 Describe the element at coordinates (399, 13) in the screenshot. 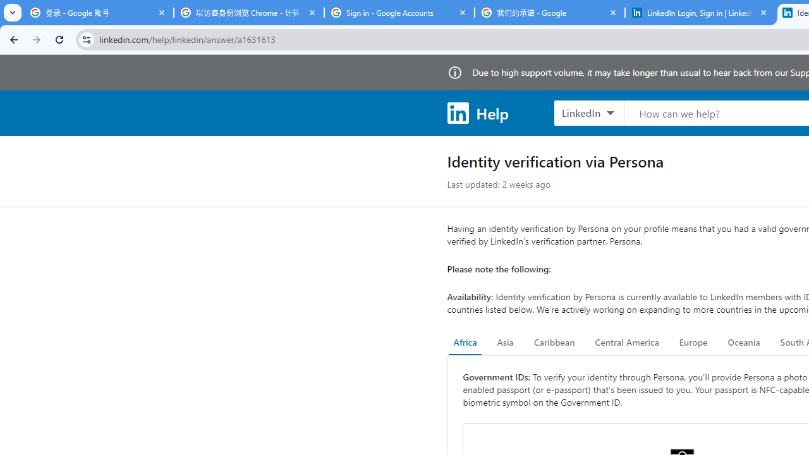

I see `'Sign in - Google Accounts'` at that location.